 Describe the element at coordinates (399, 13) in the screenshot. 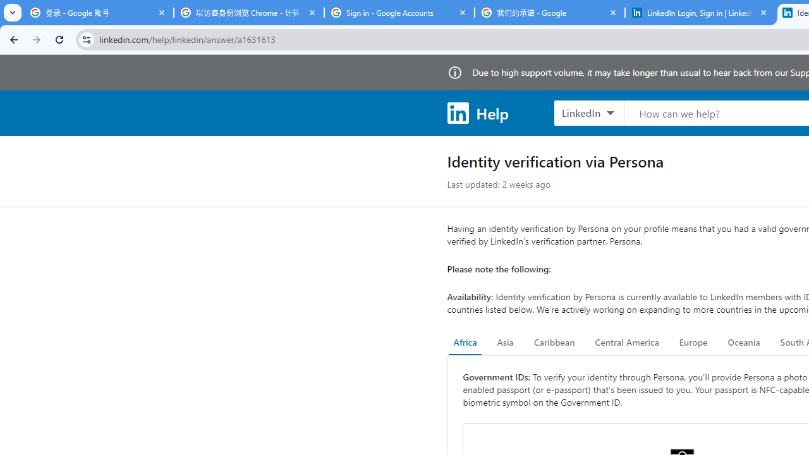

I see `'Sign in - Google Accounts'` at that location.